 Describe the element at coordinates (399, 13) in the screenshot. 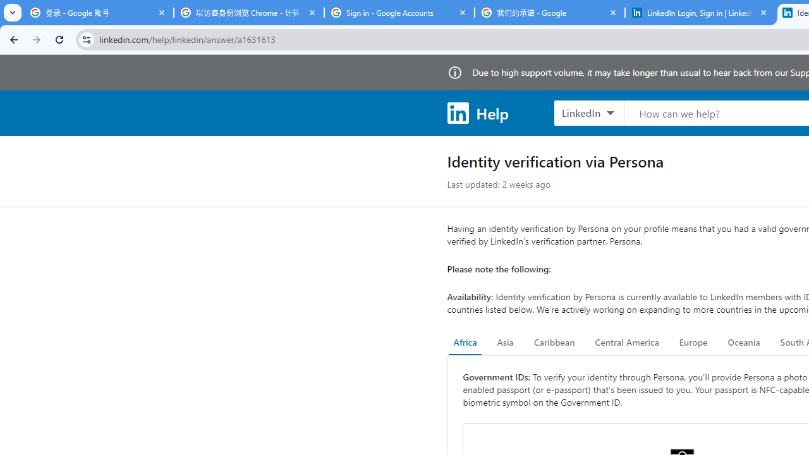

I see `'Sign in - Google Accounts'` at that location.